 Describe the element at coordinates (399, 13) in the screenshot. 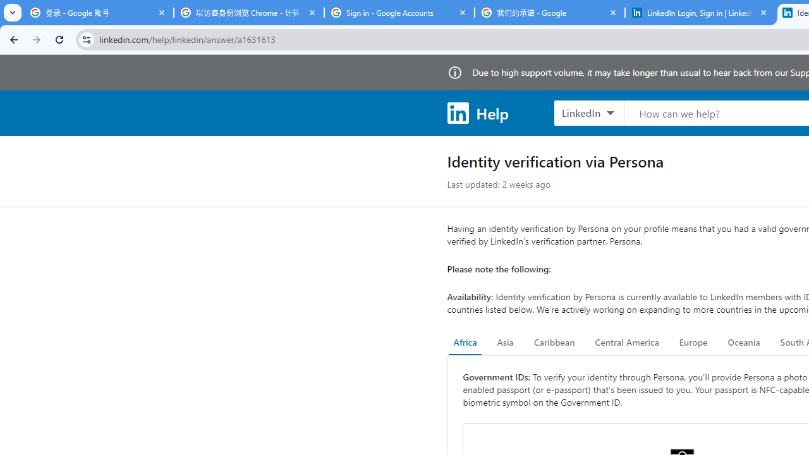

I see `'Sign in - Google Accounts'` at that location.